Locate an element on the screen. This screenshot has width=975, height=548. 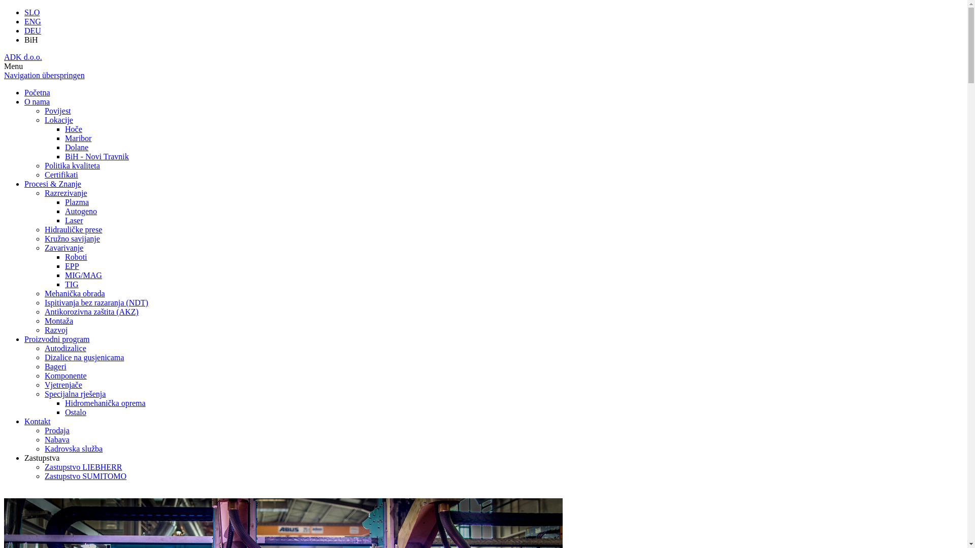
'Nabava' is located at coordinates (56, 439).